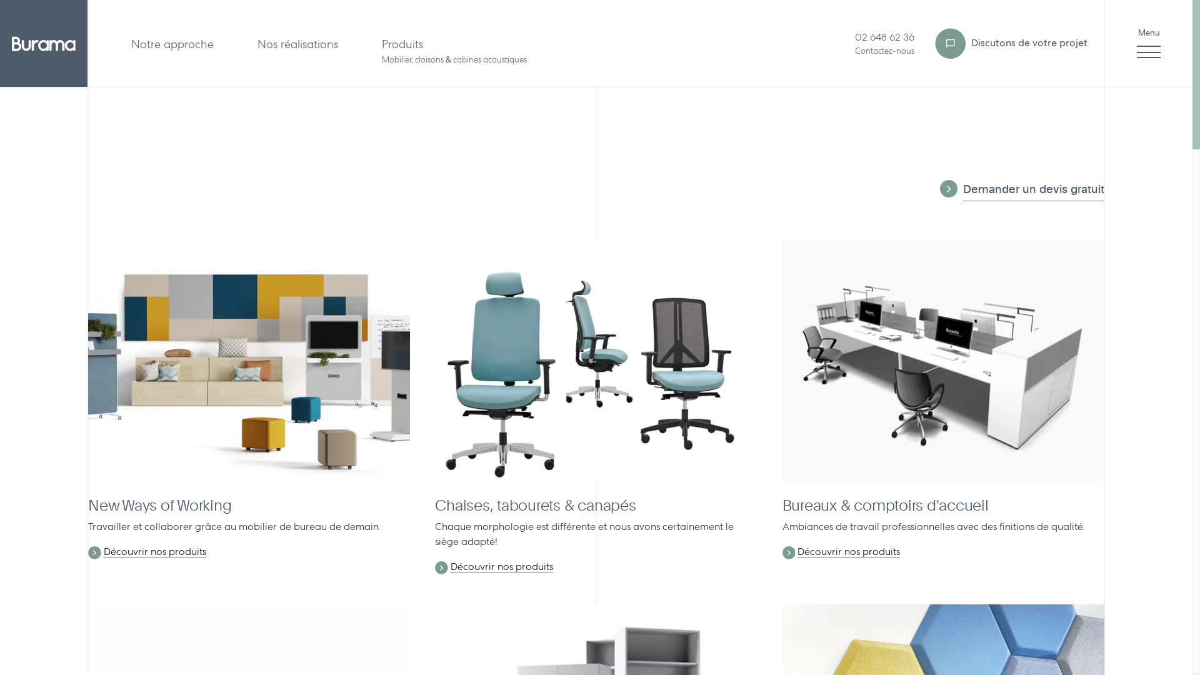  Describe the element at coordinates (1034, 191) in the screenshot. I see `'Demander un devis gratuit'` at that location.